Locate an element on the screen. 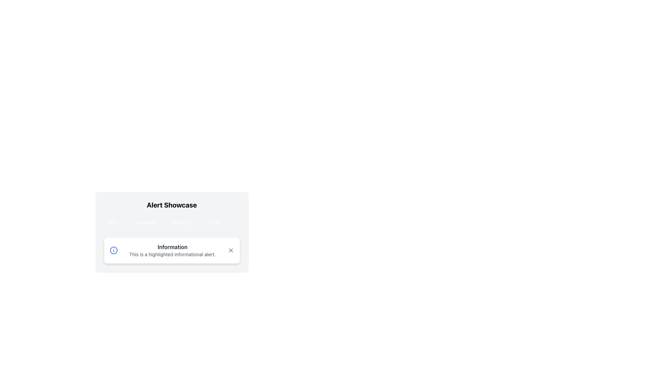 This screenshot has height=368, width=654. text displayed in the rectangular text component that says 'This is a highlighted informational alert.' located within the alert box titled 'Information' is located at coordinates (172, 255).